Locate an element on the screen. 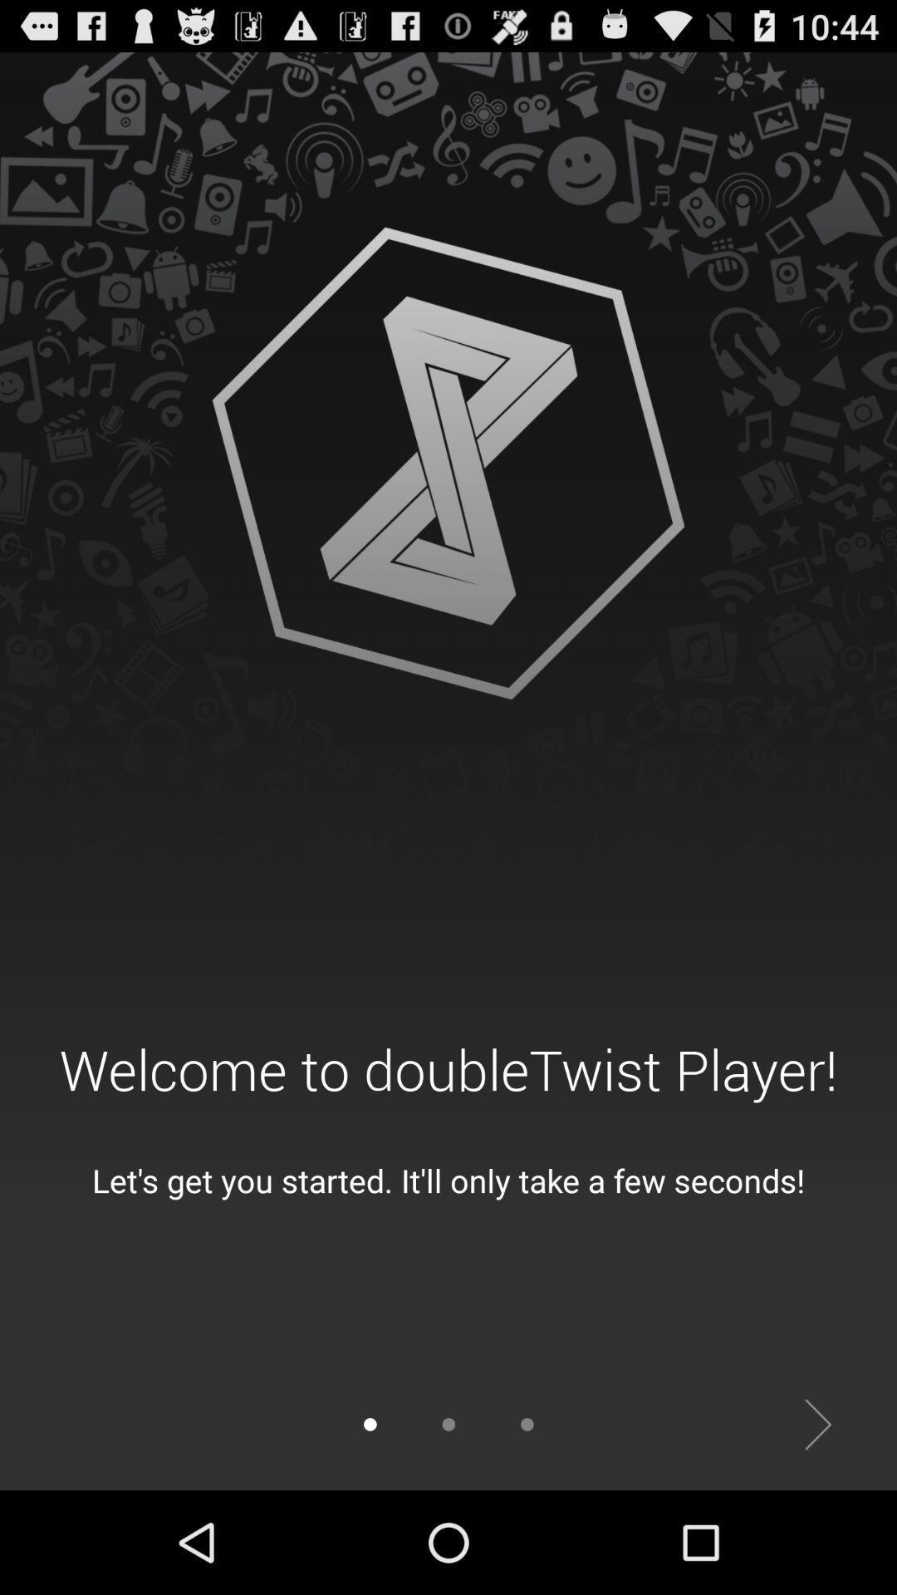 This screenshot has height=1595, width=897. the arrow_forward icon is located at coordinates (817, 1524).